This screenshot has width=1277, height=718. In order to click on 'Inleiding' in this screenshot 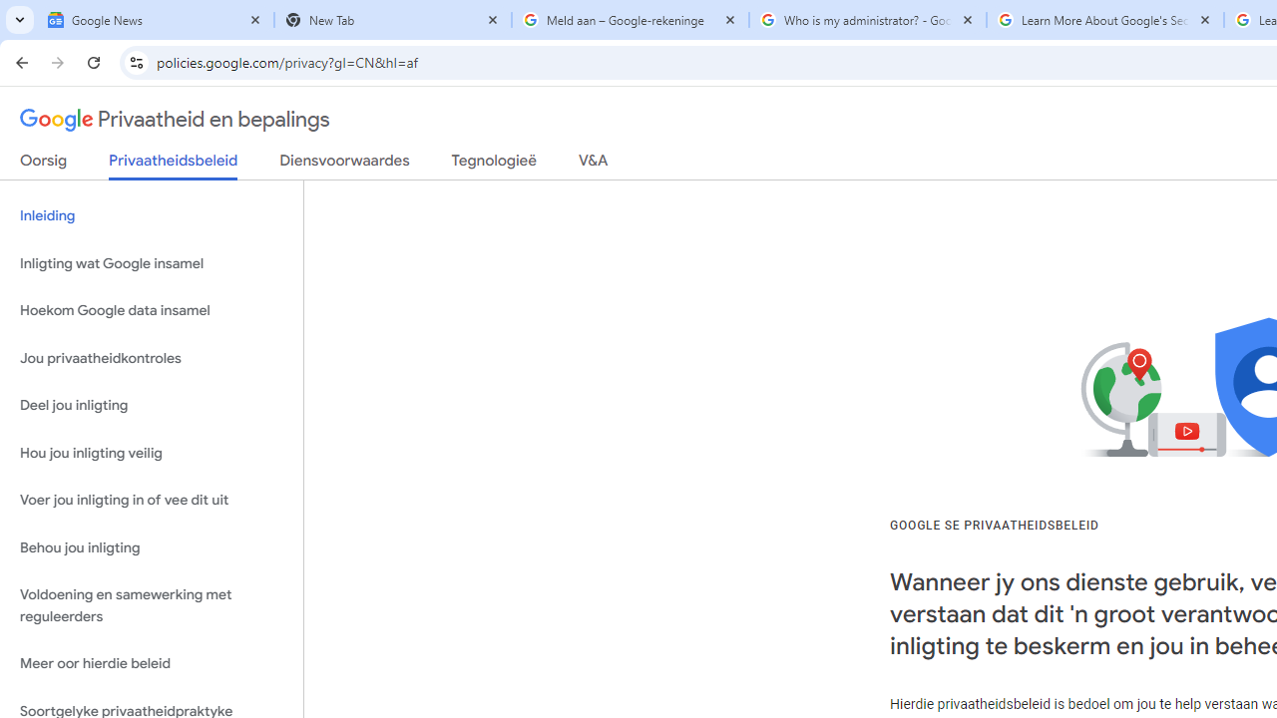, I will do `click(151, 216)`.